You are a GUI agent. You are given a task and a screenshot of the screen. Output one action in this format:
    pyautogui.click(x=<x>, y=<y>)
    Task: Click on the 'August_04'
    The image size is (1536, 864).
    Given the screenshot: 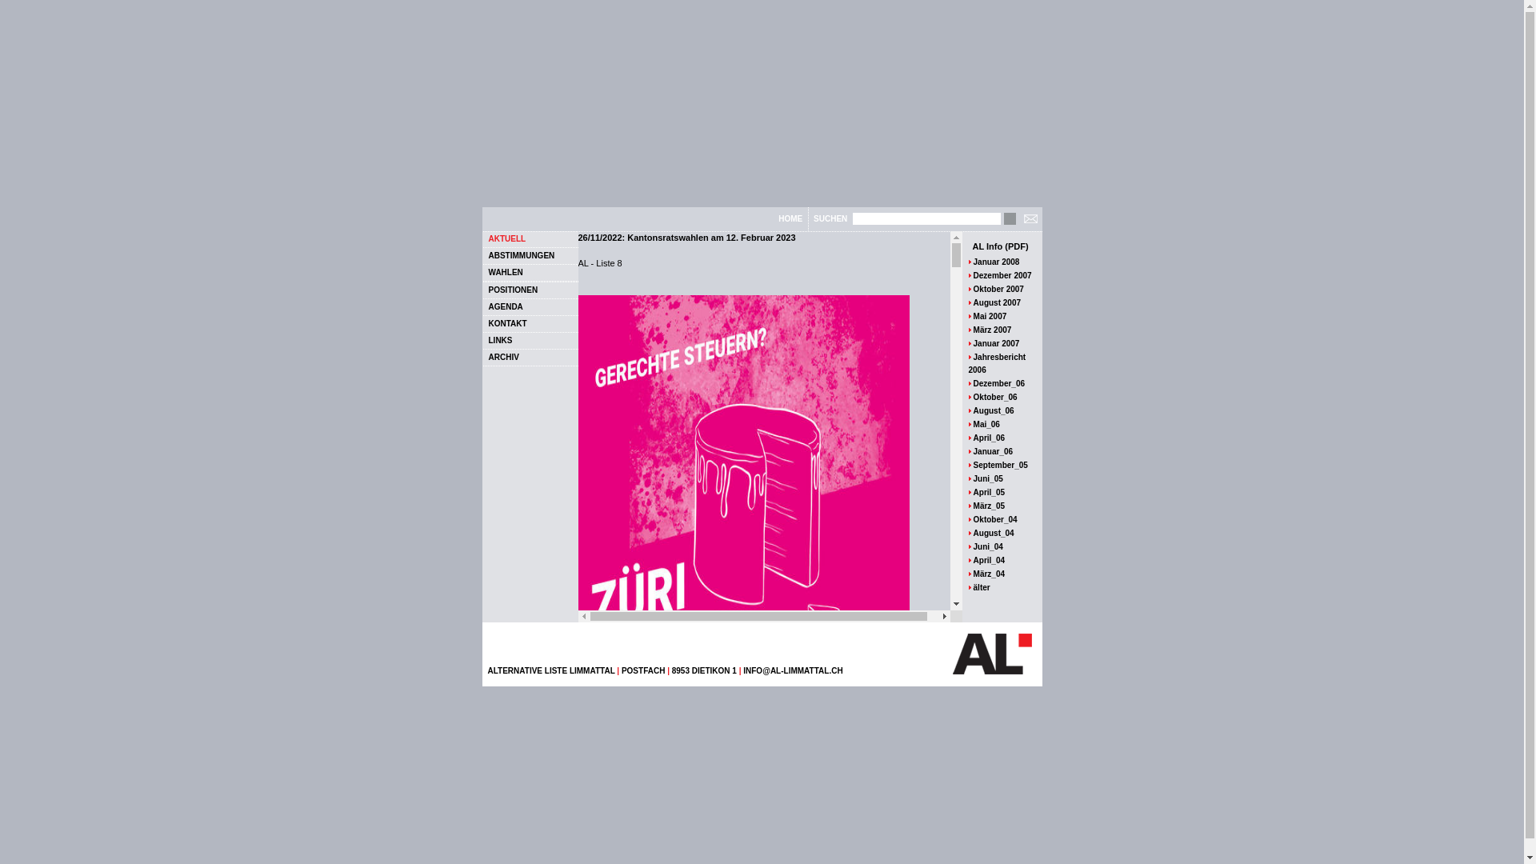 What is the action you would take?
    pyautogui.click(x=993, y=532)
    